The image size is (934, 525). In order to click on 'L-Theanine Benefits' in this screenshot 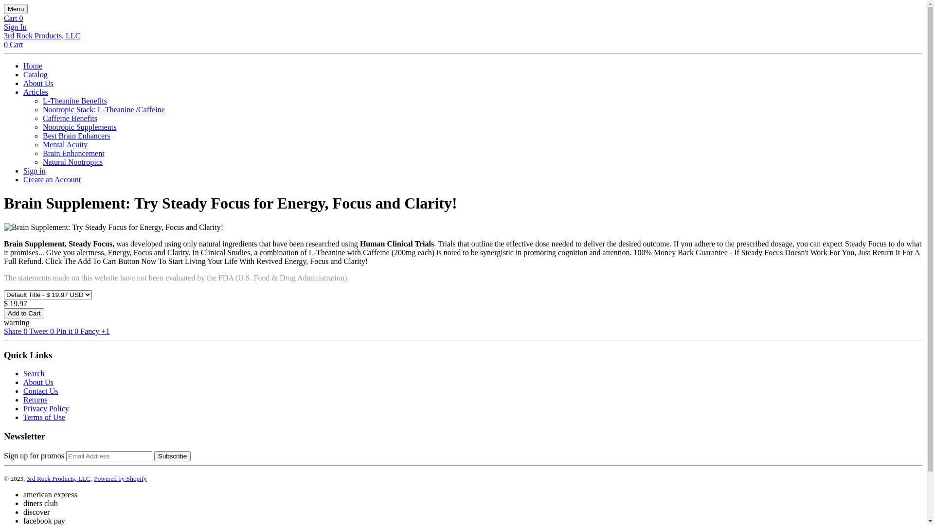, I will do `click(74, 101)`.